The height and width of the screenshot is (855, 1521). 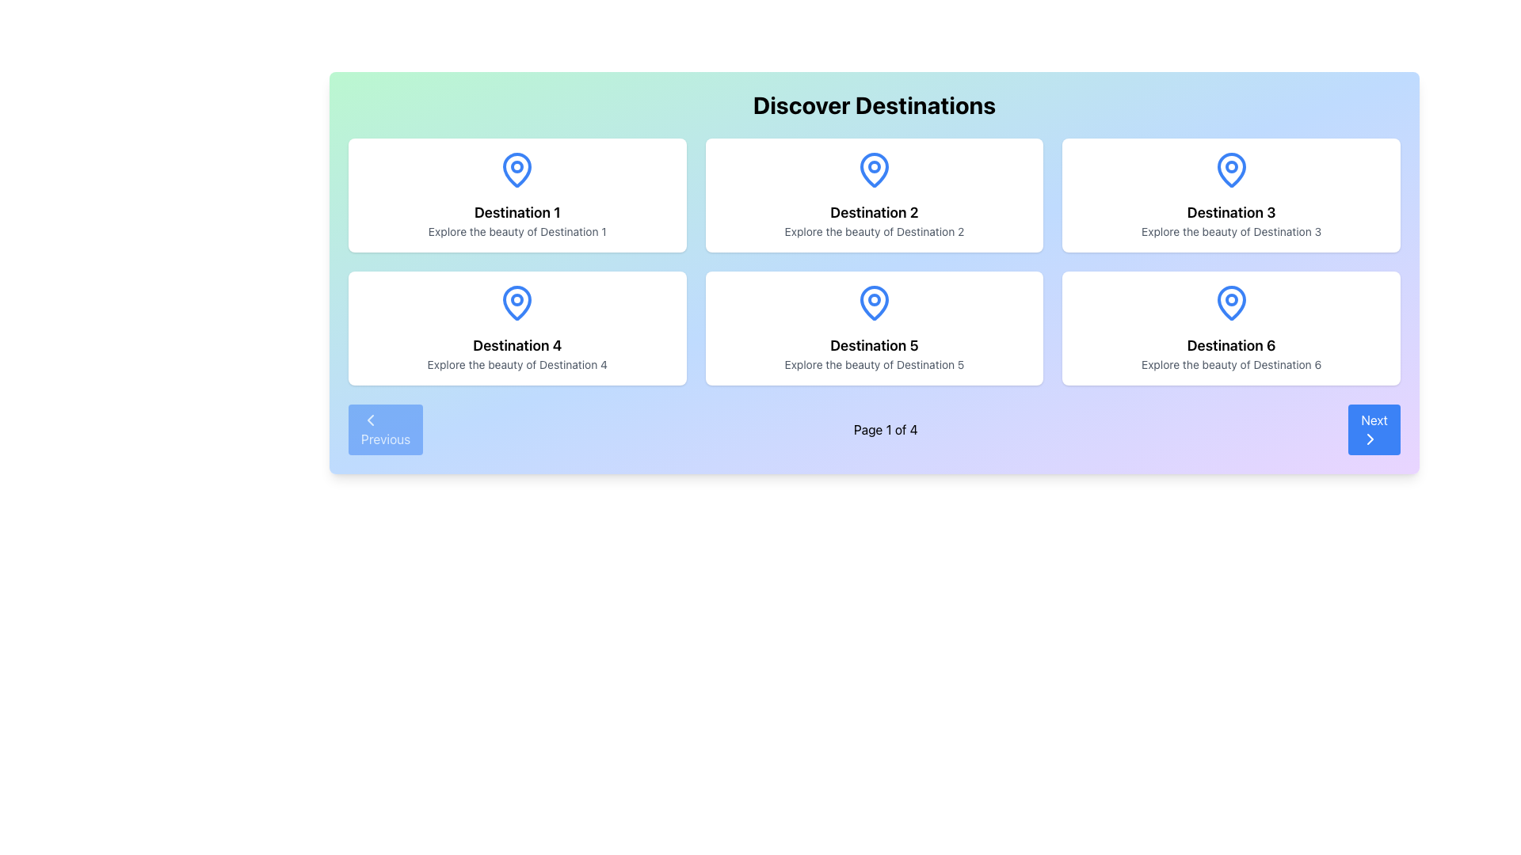 I want to click on the navigation button located at the bottom-right corner of the layout, so click(x=1374, y=430).